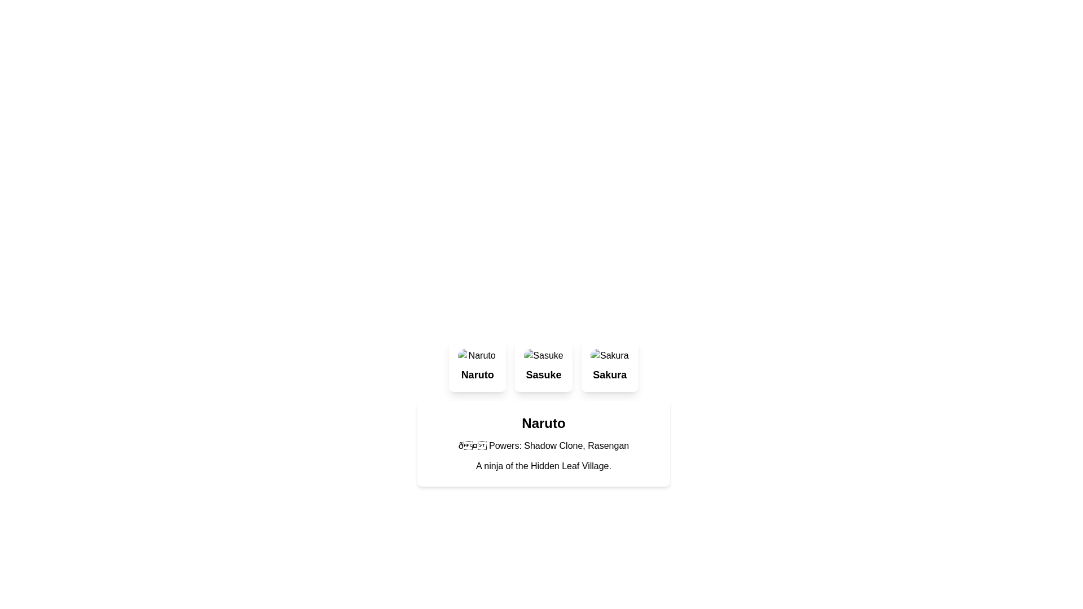 This screenshot has height=609, width=1083. I want to click on the 'Naruto' character icon located at the top section of the first card layout, so click(477, 356).